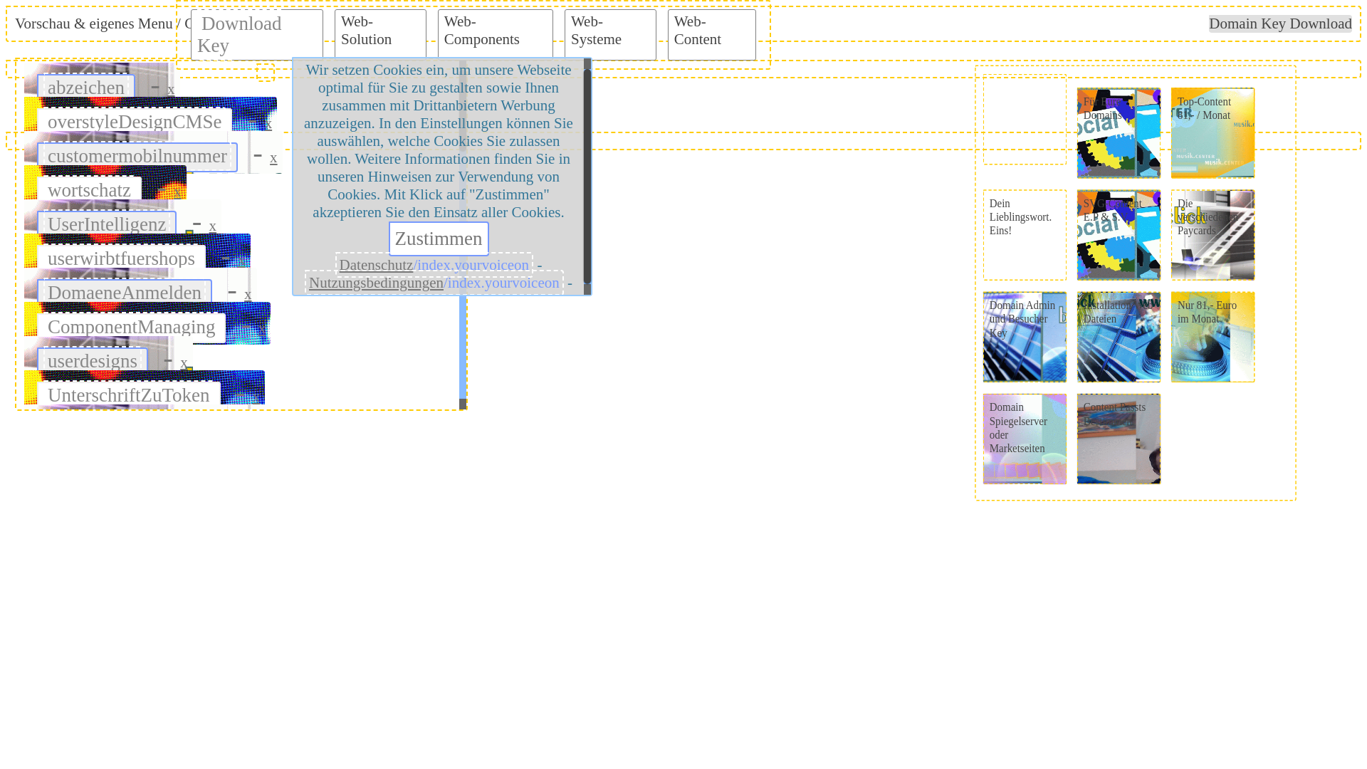 Image resolution: width=1367 pixels, height=769 pixels. Describe the element at coordinates (108, 356) in the screenshot. I see `'userdesigns - x'` at that location.